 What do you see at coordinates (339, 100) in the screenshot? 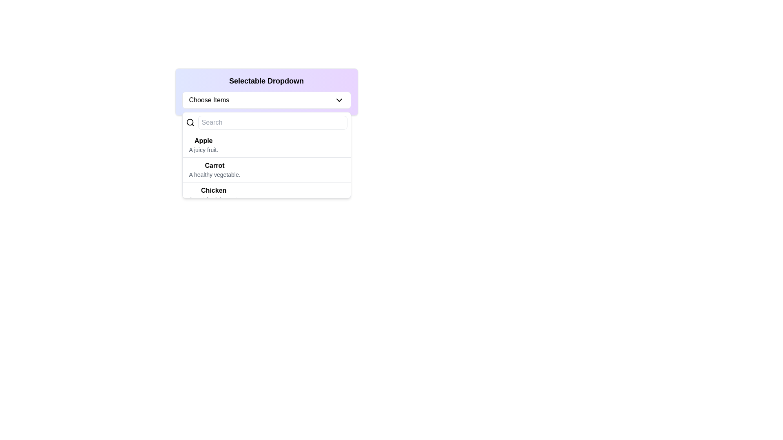
I see `the downward-pointing chevron icon, which is styled with sharp edges and a clean black outline, located next to the text 'Choose Items' within the white dropdown button` at bounding box center [339, 100].